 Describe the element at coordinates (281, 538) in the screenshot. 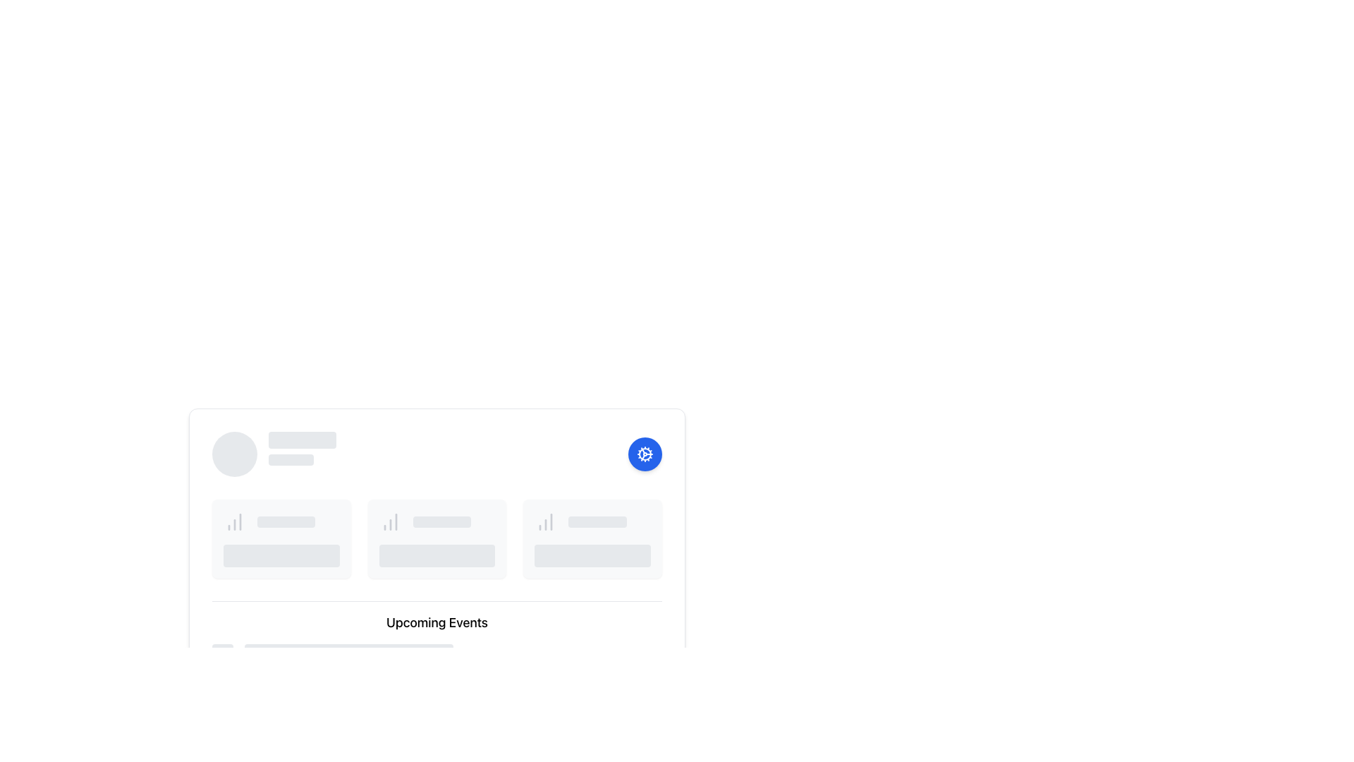

I see `the first card in the grid layout, which serves as a loading indicator and is positioned on the top-left` at that location.